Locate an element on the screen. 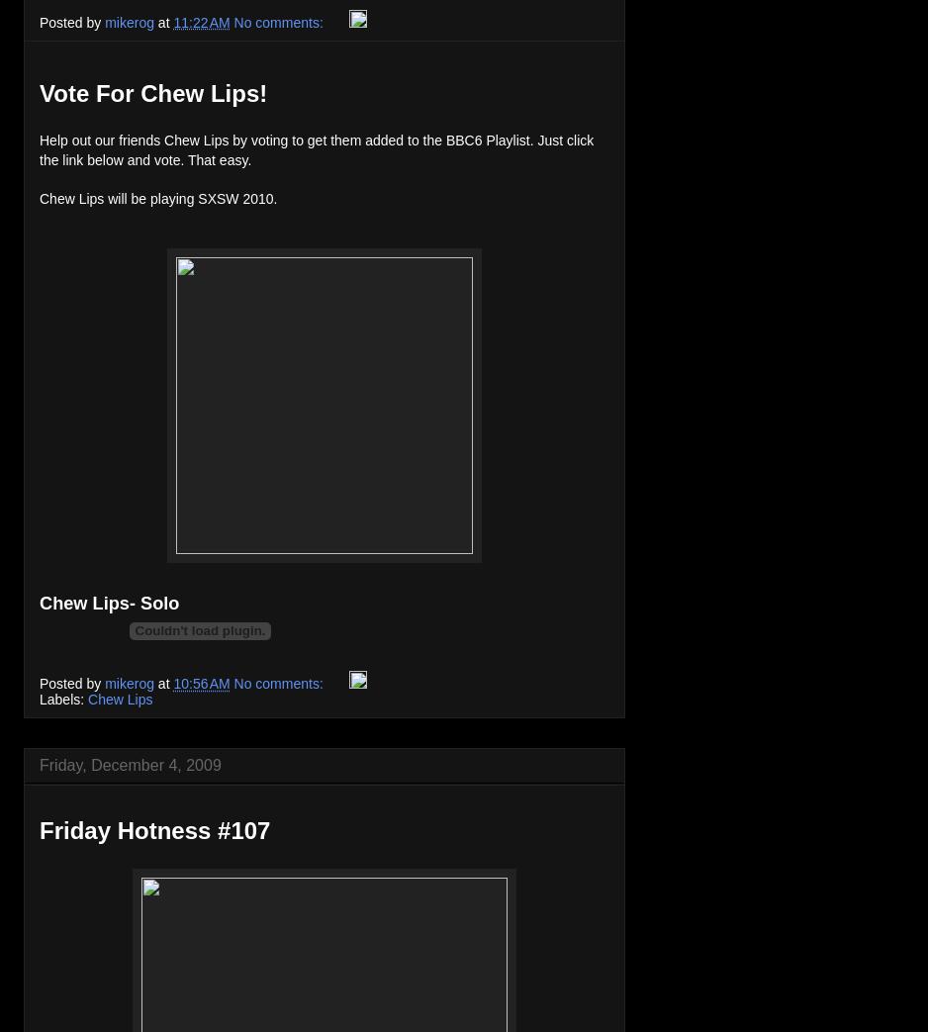 The height and width of the screenshot is (1032, 928). '10:56 AM' is located at coordinates (201, 683).